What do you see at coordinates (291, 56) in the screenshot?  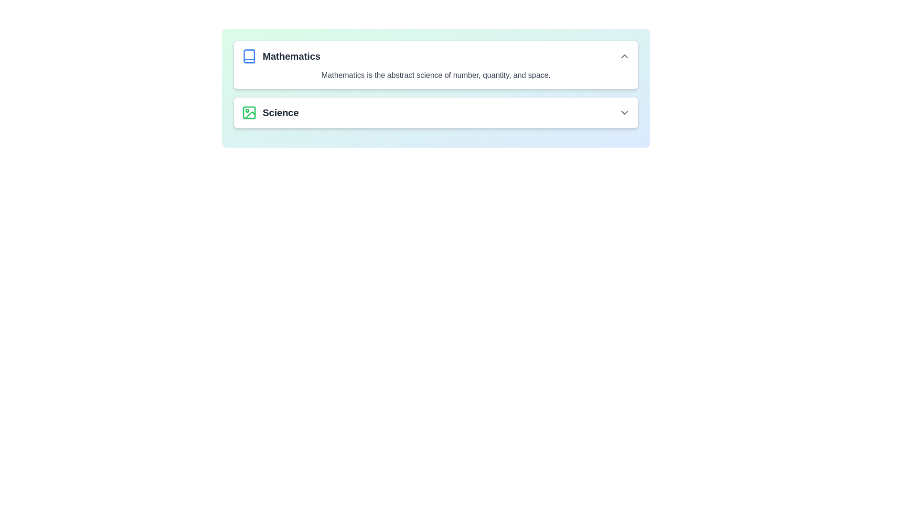 I see `title 'Mathematics', which is a bold text label in dark gray color located to the right of a blue book icon in the top-left section of the interface` at bounding box center [291, 56].